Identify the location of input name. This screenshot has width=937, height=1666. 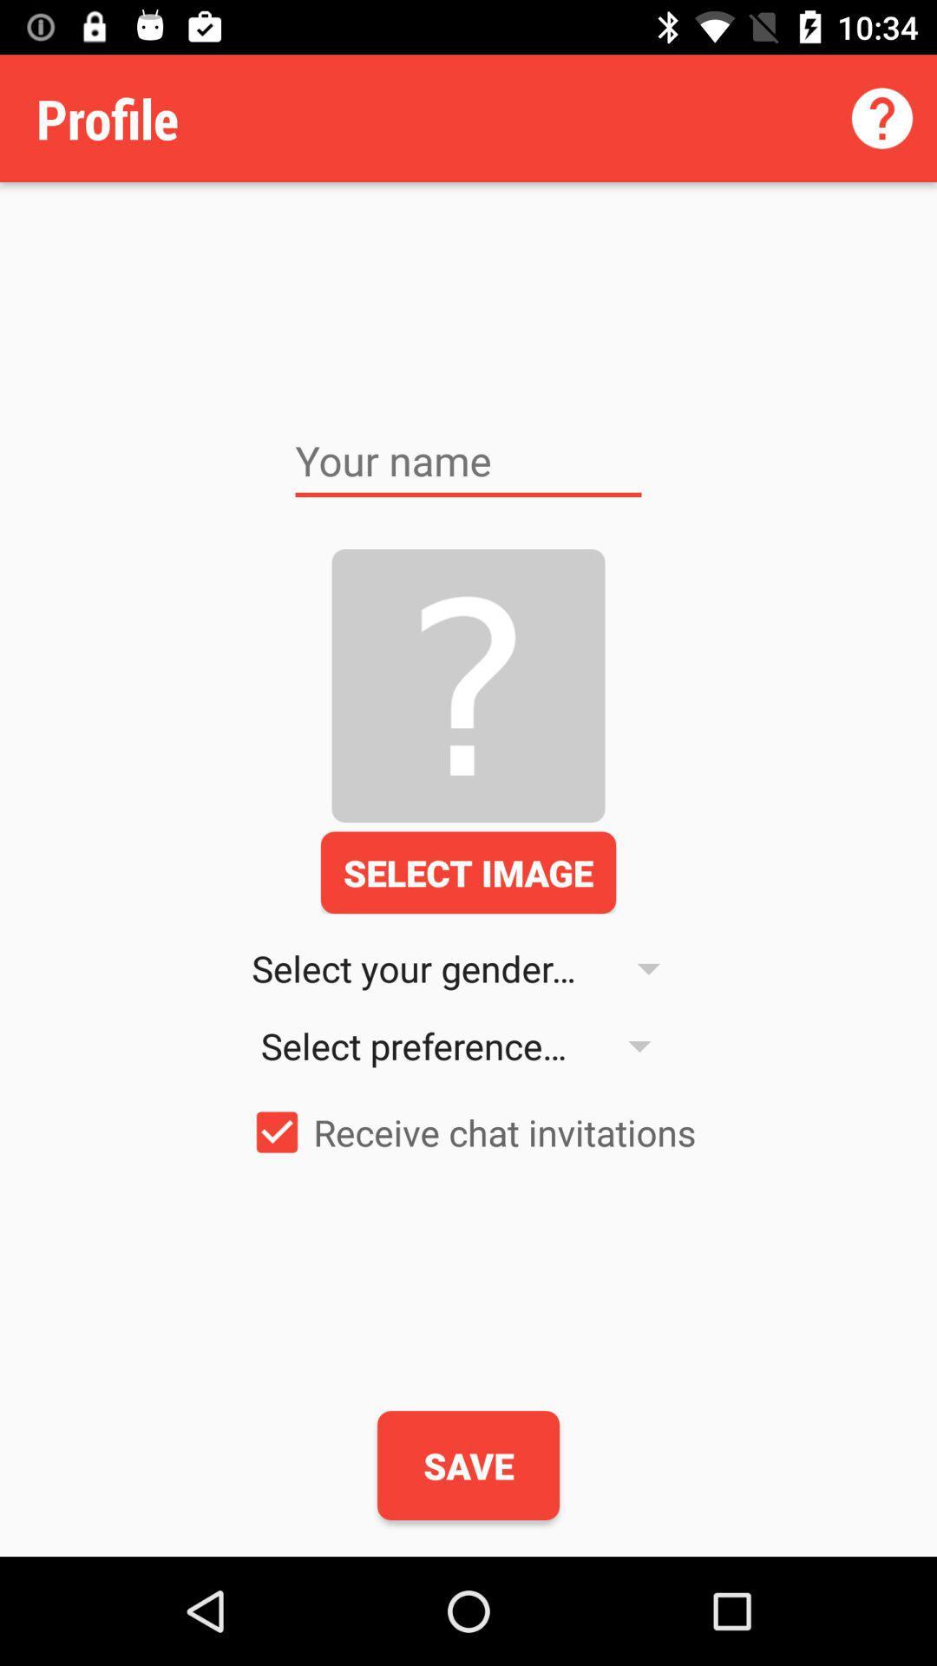
(468, 461).